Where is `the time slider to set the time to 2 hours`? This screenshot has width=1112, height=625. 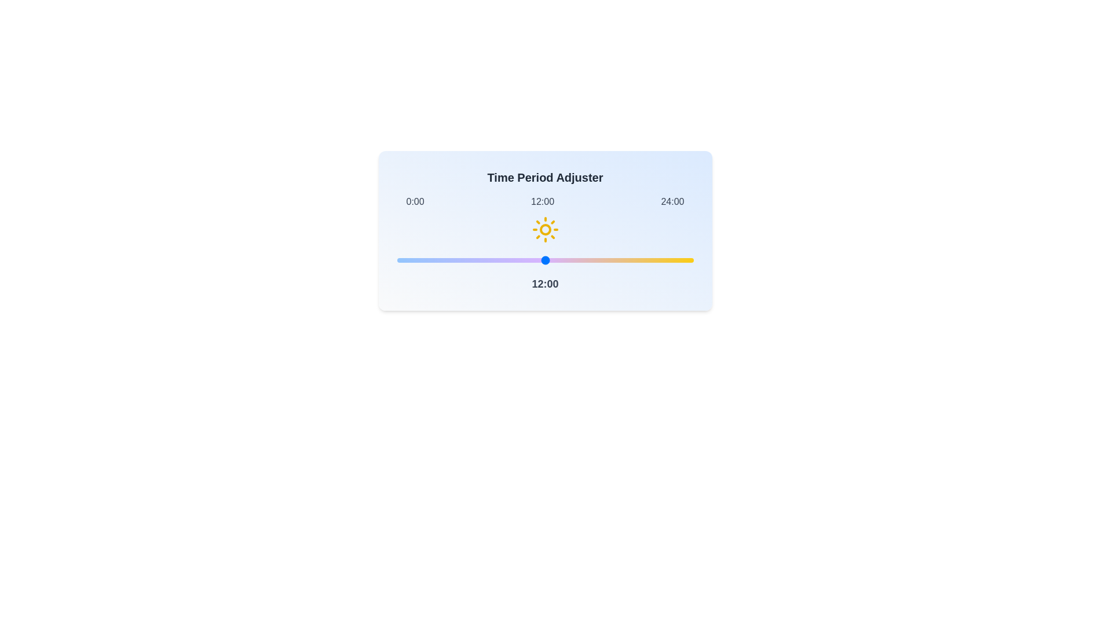
the time slider to set the time to 2 hours is located at coordinates (421, 260).